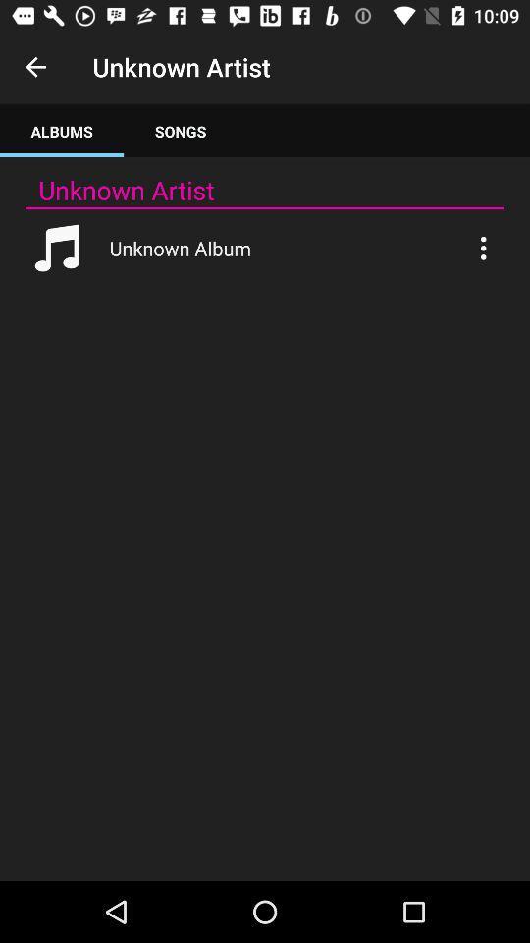 The height and width of the screenshot is (943, 530). What do you see at coordinates (35, 67) in the screenshot?
I see `the icon above the albums app` at bounding box center [35, 67].